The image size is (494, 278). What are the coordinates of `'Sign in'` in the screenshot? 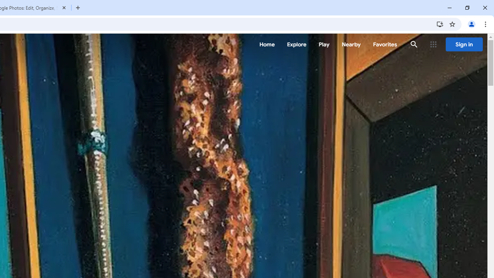 It's located at (464, 44).